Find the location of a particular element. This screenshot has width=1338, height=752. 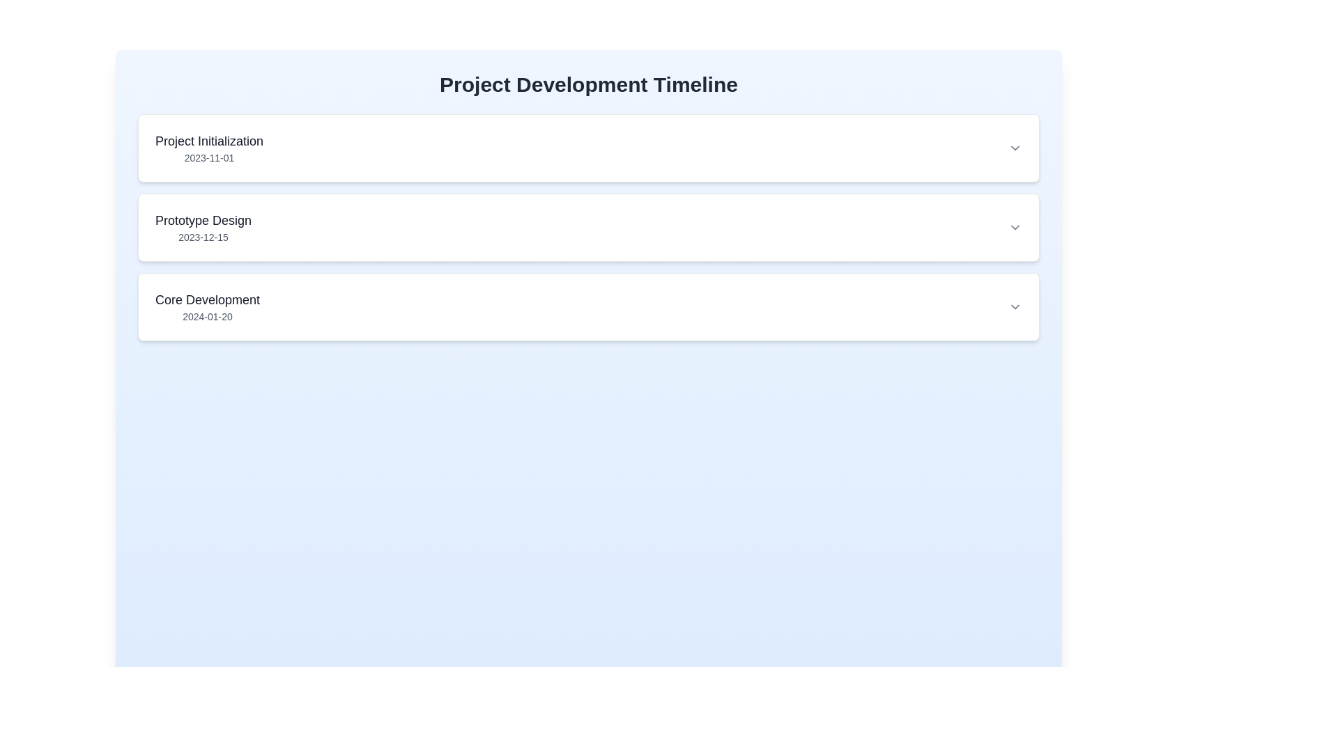

the second list item titled 'Prototype Design' is located at coordinates (588, 227).